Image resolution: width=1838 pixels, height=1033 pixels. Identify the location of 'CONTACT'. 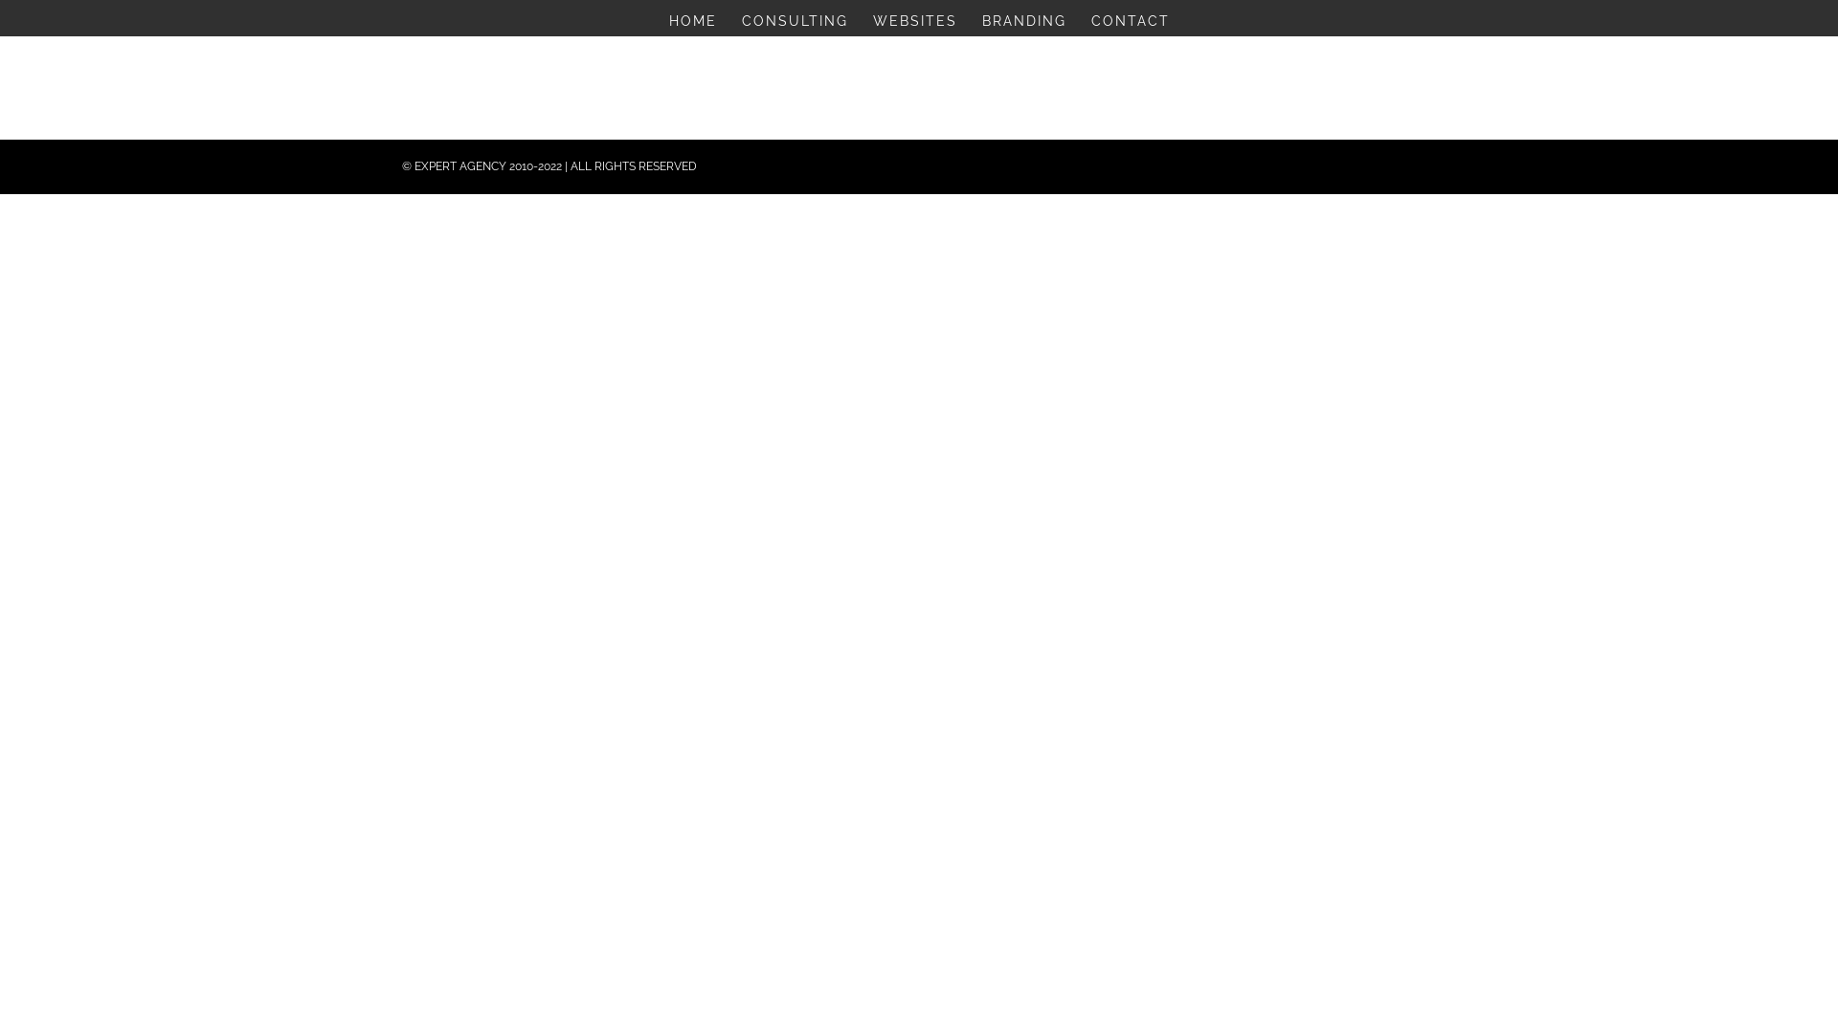
(1130, 25).